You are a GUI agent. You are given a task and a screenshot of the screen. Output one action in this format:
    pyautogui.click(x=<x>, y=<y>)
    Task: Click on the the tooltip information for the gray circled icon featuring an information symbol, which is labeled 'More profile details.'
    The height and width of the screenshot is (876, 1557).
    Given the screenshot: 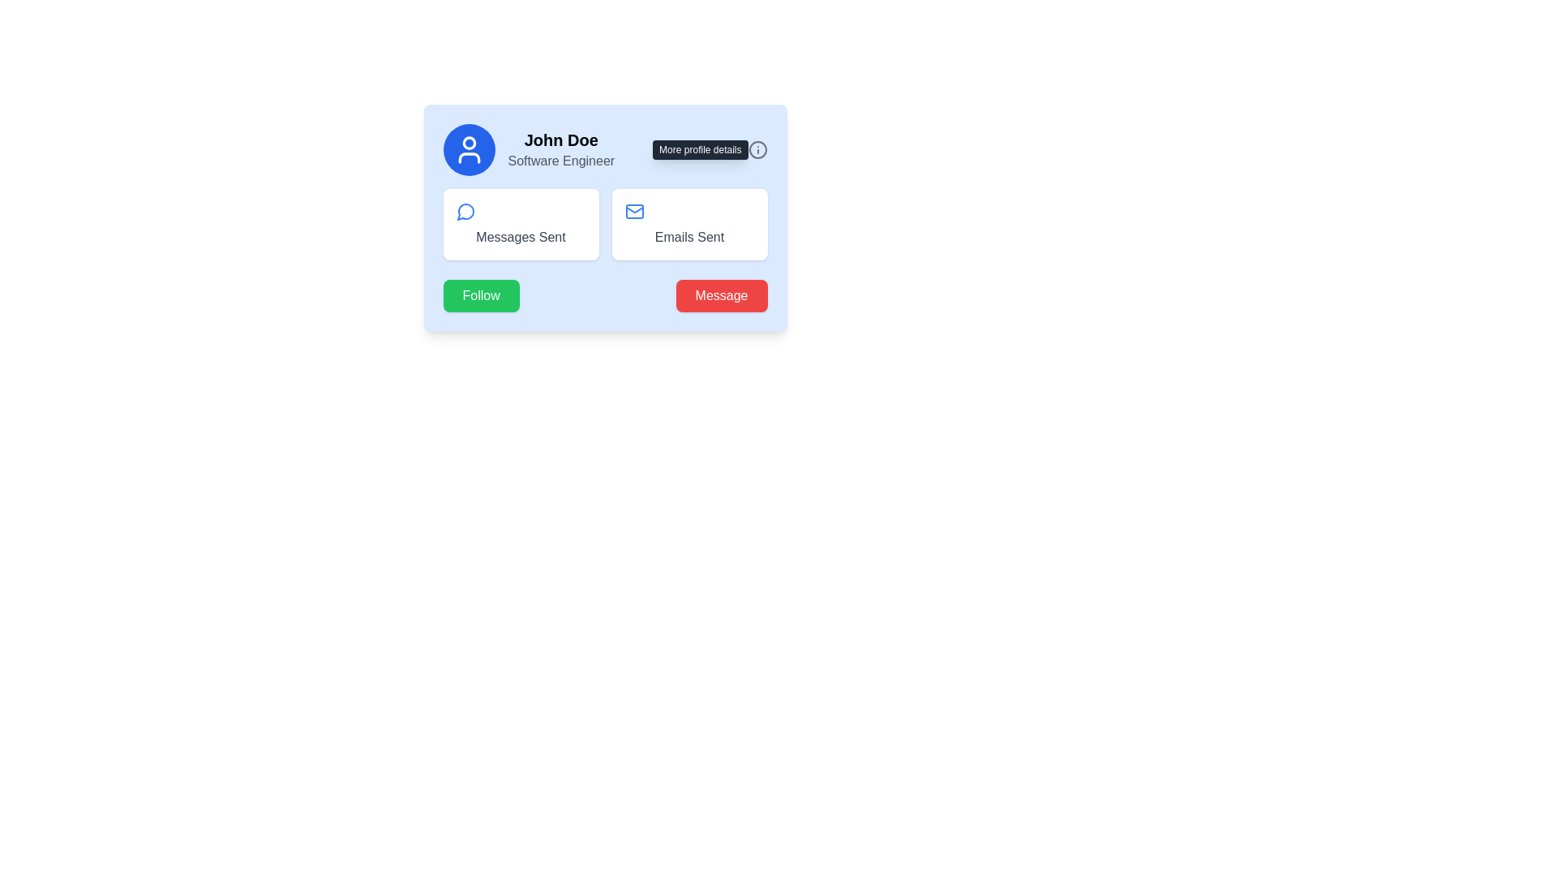 What is the action you would take?
    pyautogui.click(x=757, y=150)
    